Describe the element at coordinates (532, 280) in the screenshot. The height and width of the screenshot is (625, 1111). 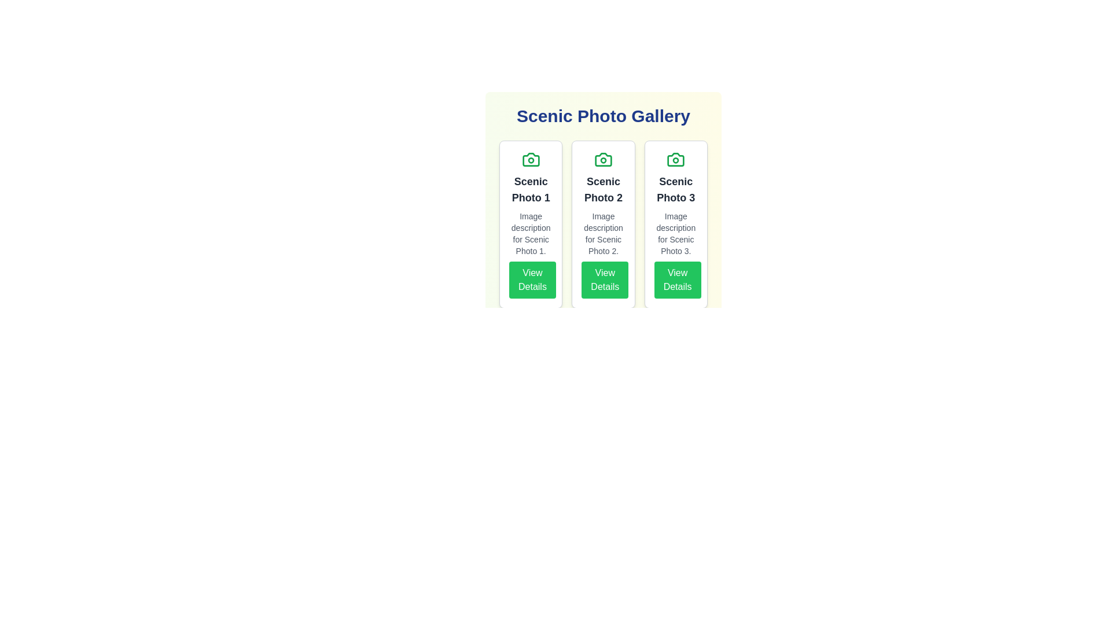
I see `'View Details' button for the scenic photo identified by Scenic Photo 1` at that location.